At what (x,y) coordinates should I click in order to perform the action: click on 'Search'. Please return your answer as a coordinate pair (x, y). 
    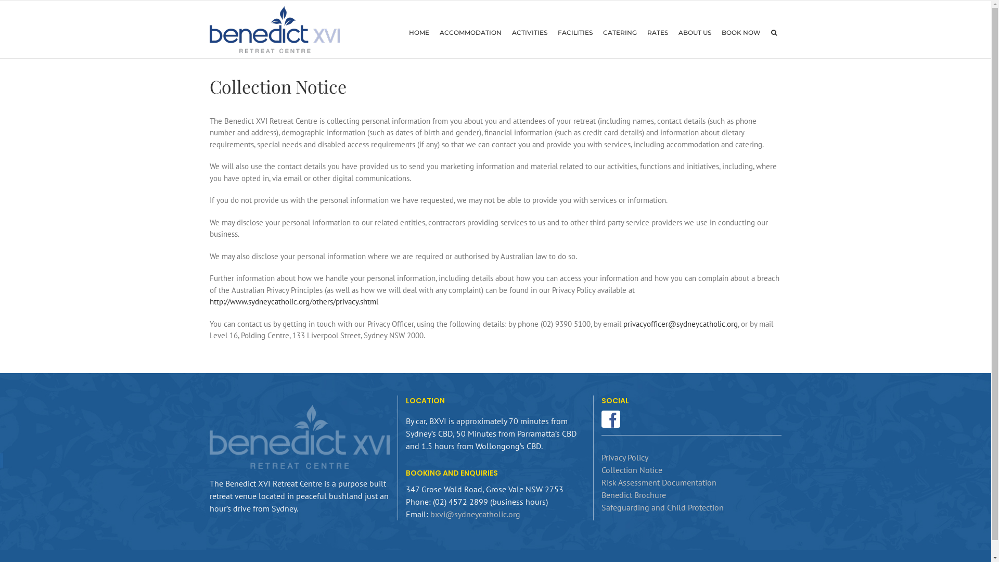
    Looking at the image, I should click on (766, 32).